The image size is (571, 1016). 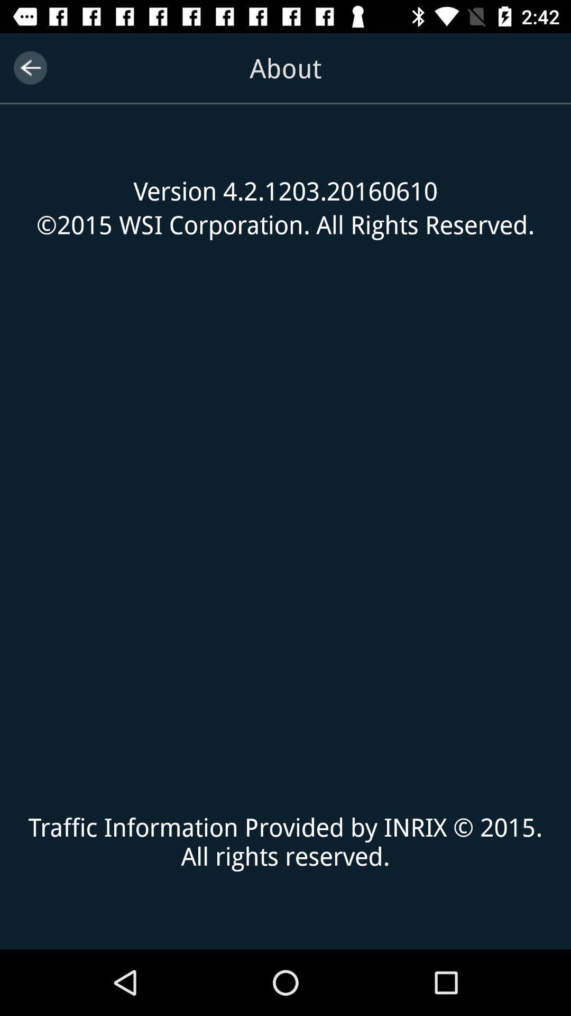 I want to click on the left arrow button which is left side of about, so click(x=30, y=67).